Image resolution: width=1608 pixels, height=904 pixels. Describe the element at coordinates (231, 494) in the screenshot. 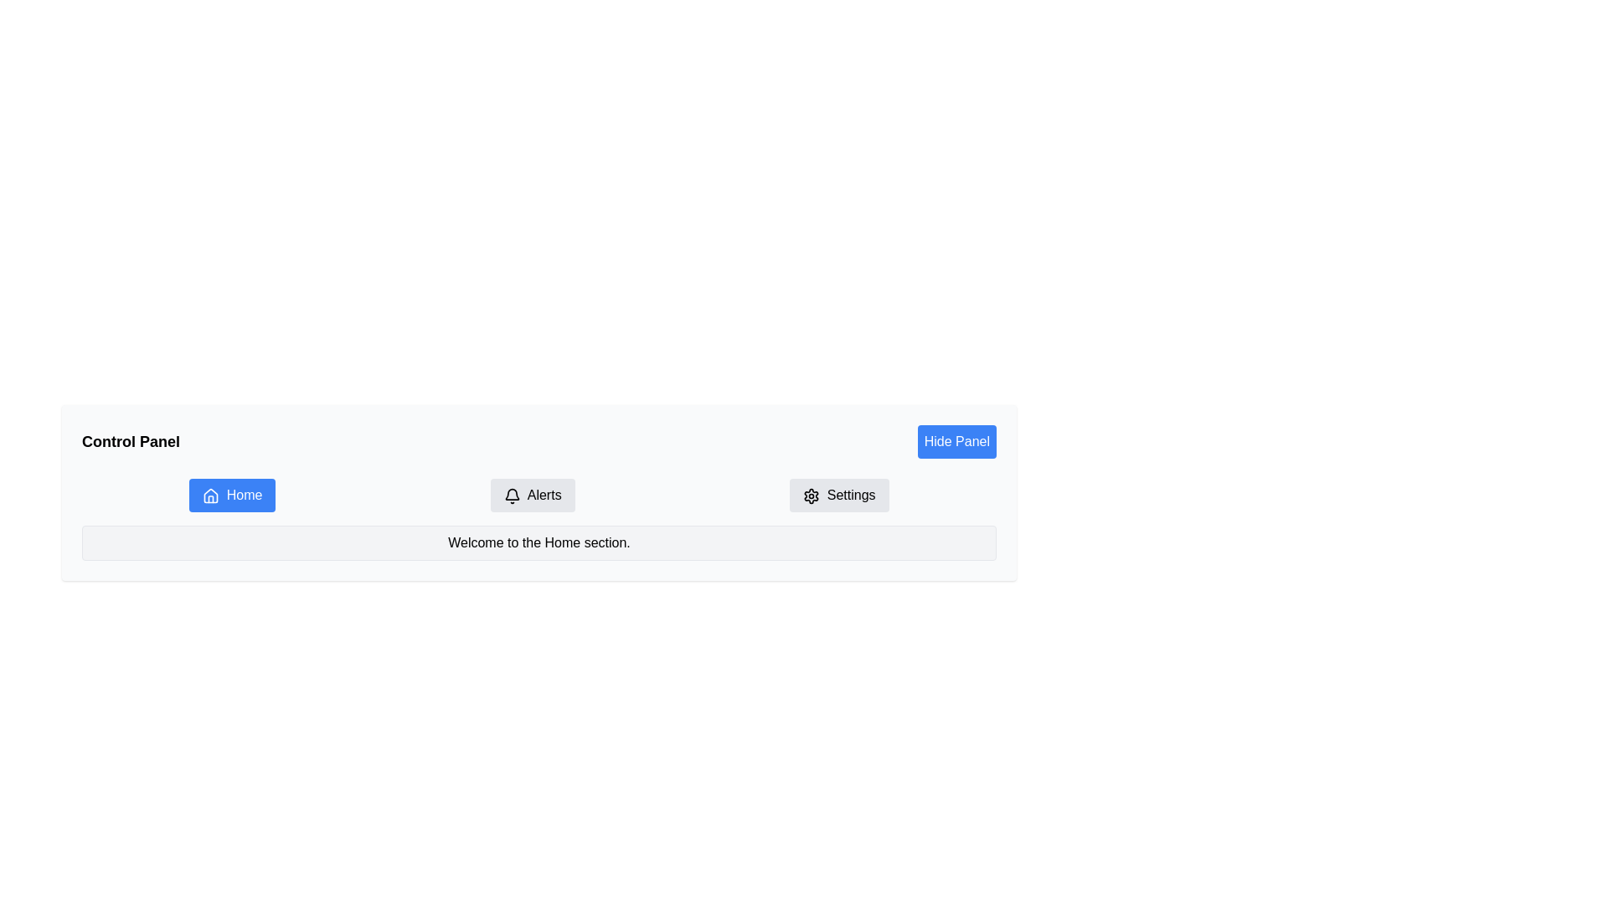

I see `the 'Home' button, which is a blue rectangular button with white text and a house icon, located on the leftmost side of the menu` at that location.